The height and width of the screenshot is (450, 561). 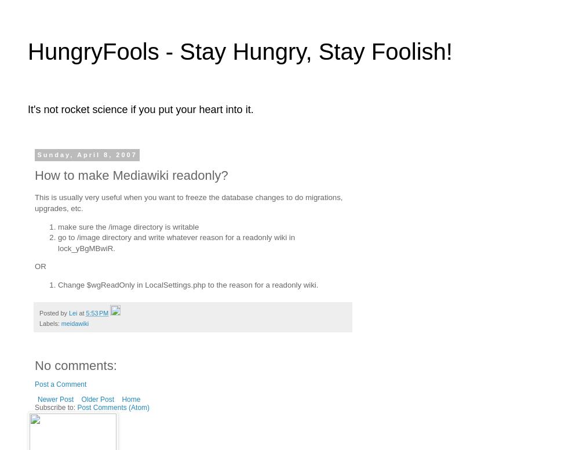 What do you see at coordinates (72, 313) in the screenshot?
I see `'Lei'` at bounding box center [72, 313].